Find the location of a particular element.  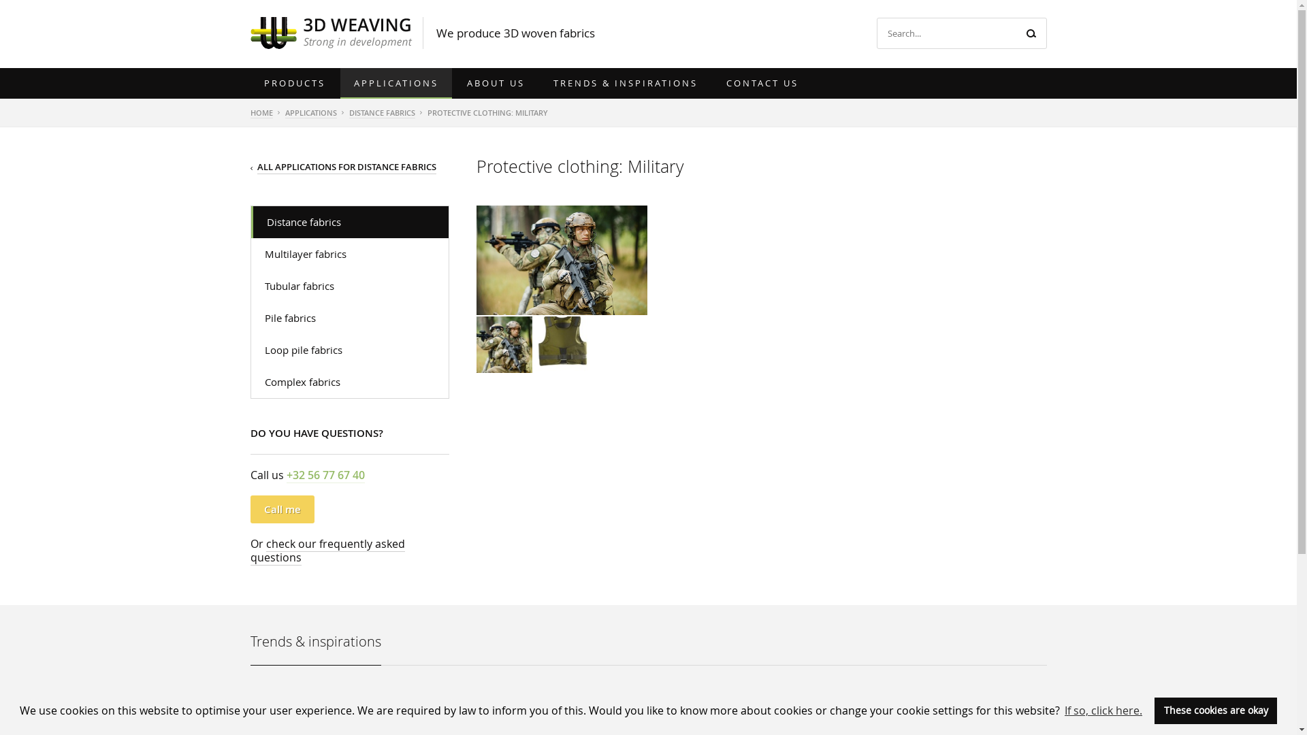

'These cookies are okay' is located at coordinates (1215, 710).